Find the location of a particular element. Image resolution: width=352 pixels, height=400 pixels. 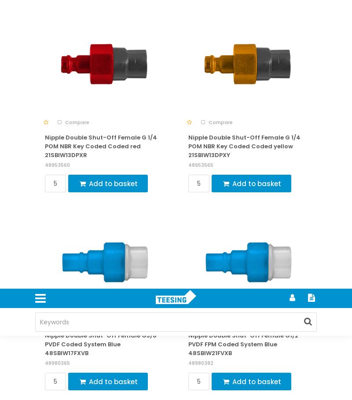

'Copyright © 2023 Teesing BV' is located at coordinates (40, 50).